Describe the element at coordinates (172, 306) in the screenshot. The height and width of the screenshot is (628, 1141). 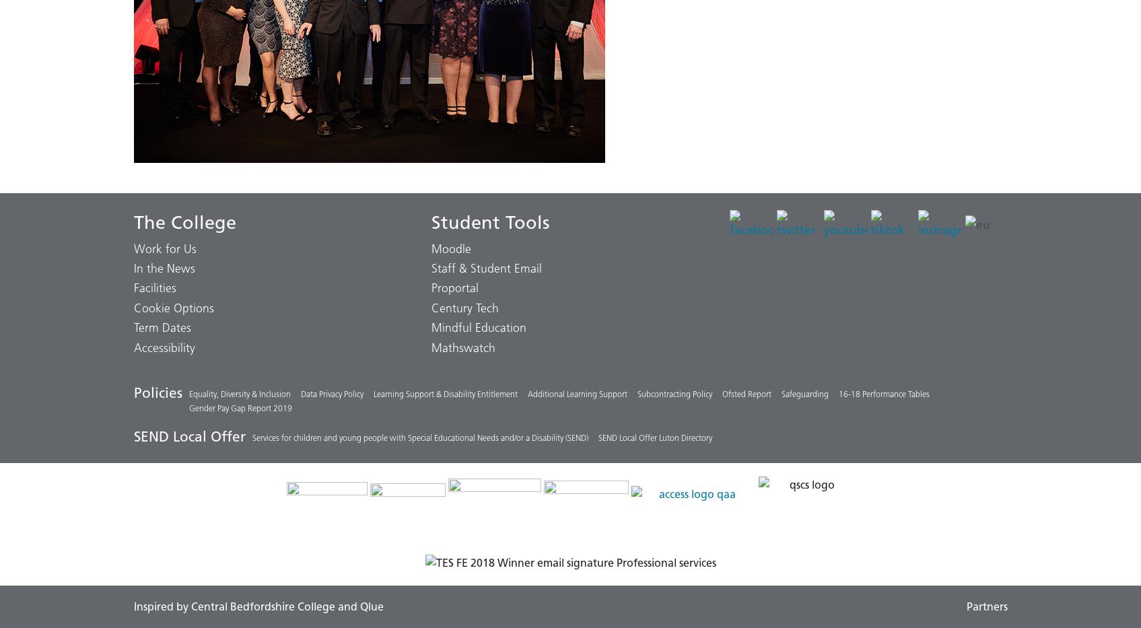
I see `'Cookie Options'` at that location.